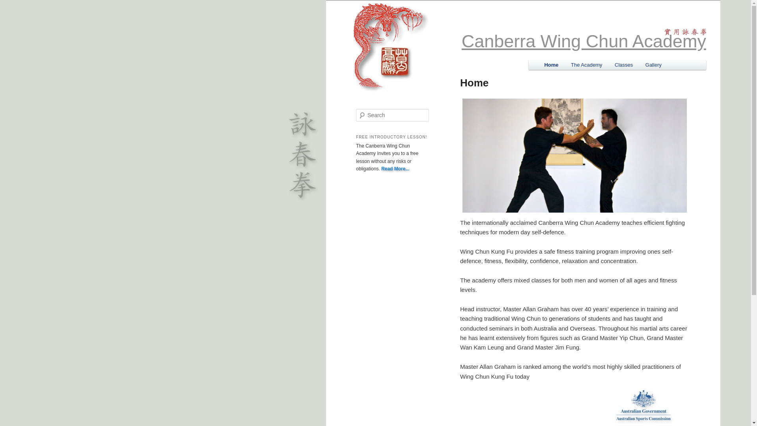 The image size is (757, 426). What do you see at coordinates (586, 64) in the screenshot?
I see `'The Academy'` at bounding box center [586, 64].